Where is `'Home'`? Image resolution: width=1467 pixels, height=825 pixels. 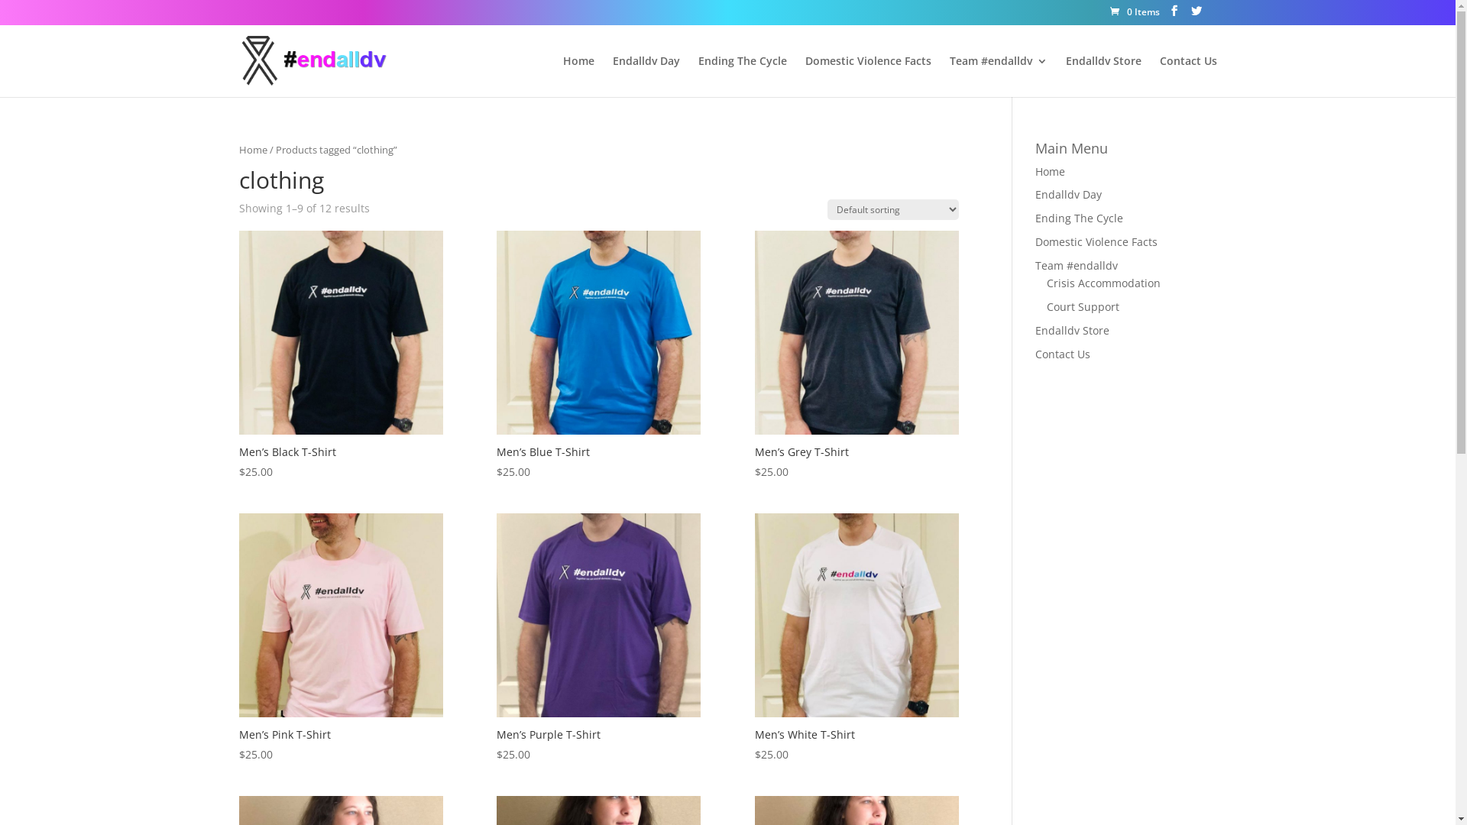
'Home' is located at coordinates (1049, 170).